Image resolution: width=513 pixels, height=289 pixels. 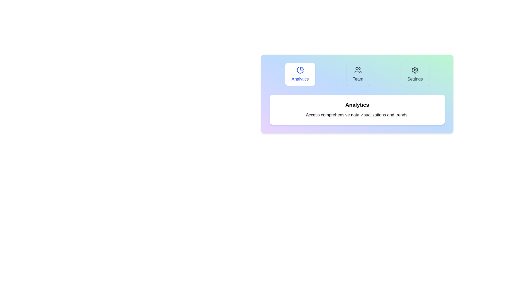 What do you see at coordinates (358, 74) in the screenshot?
I see `the 'Team' tab to view its content` at bounding box center [358, 74].